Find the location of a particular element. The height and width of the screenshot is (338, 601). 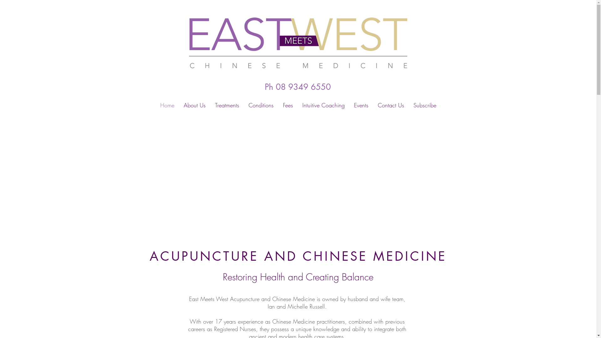

'Subscribe' is located at coordinates (408, 105).